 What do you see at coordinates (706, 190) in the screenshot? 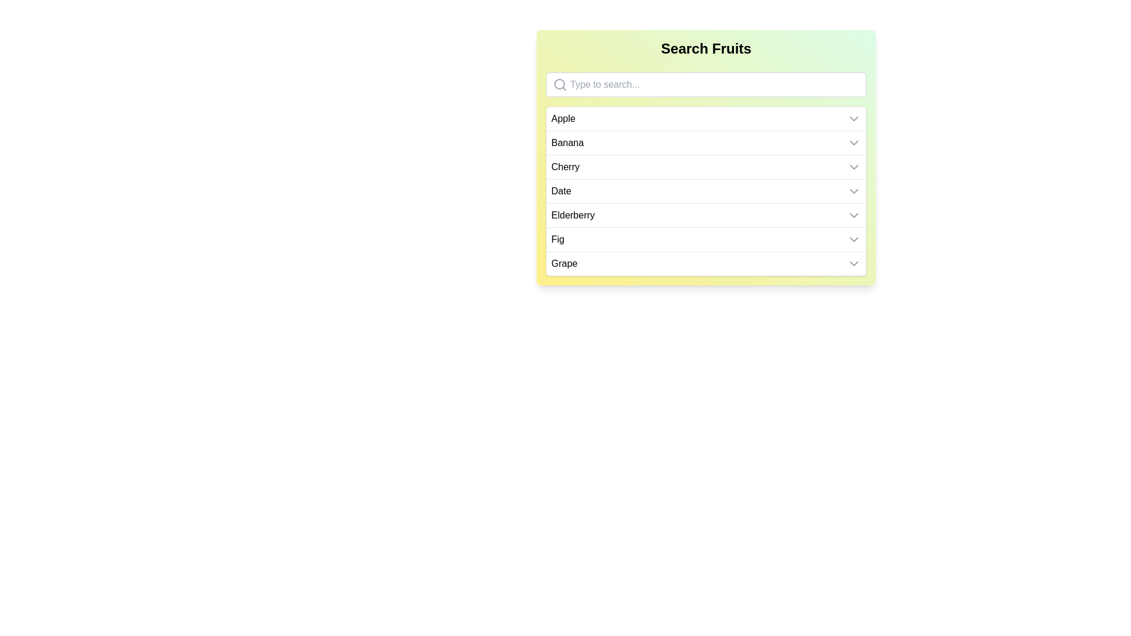
I see `the dropdown menu containing a list of fruits, specifically targeting the item 'Date', which is the fourth entry in the list` at bounding box center [706, 190].